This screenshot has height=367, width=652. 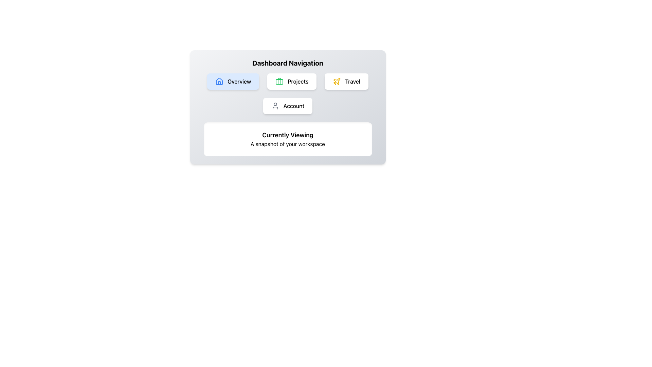 I want to click on the Navigation bar containing interactive buttons, so click(x=288, y=94).